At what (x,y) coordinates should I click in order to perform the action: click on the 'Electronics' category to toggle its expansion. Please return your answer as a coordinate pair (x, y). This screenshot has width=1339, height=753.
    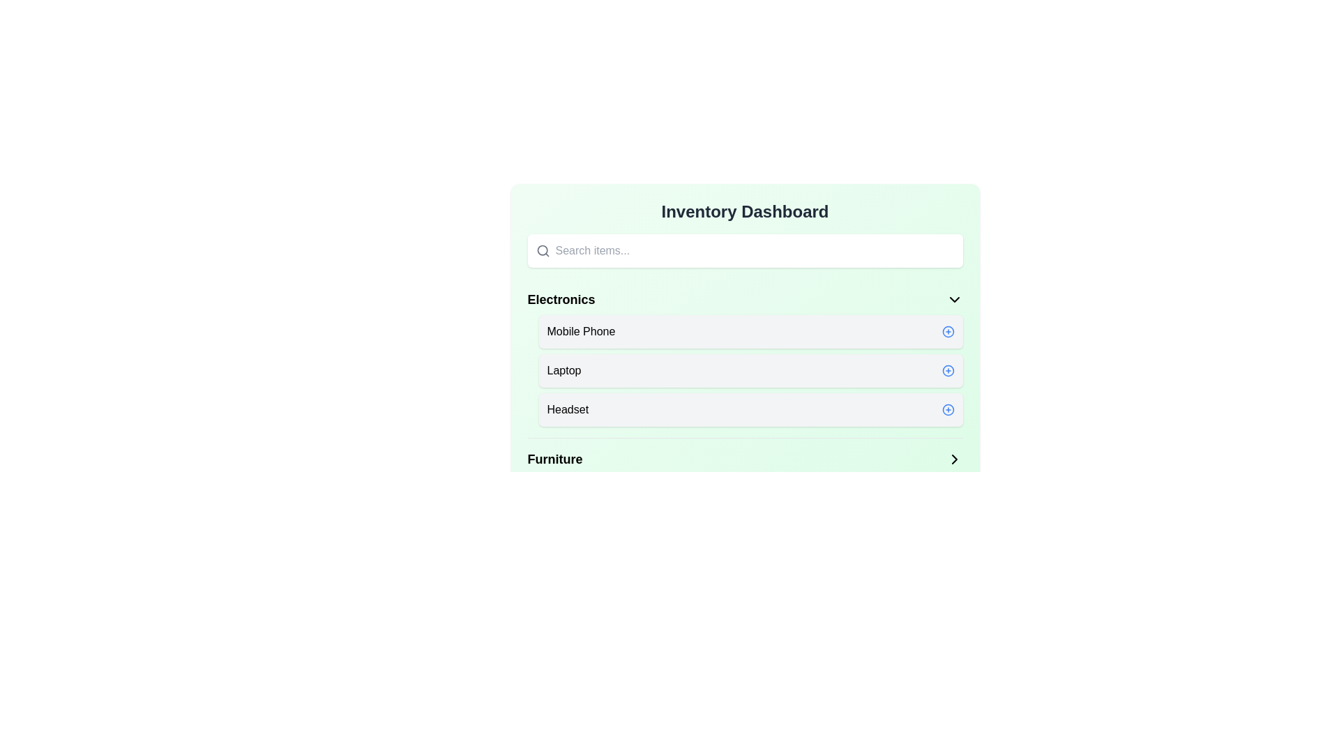
    Looking at the image, I should click on (744, 298).